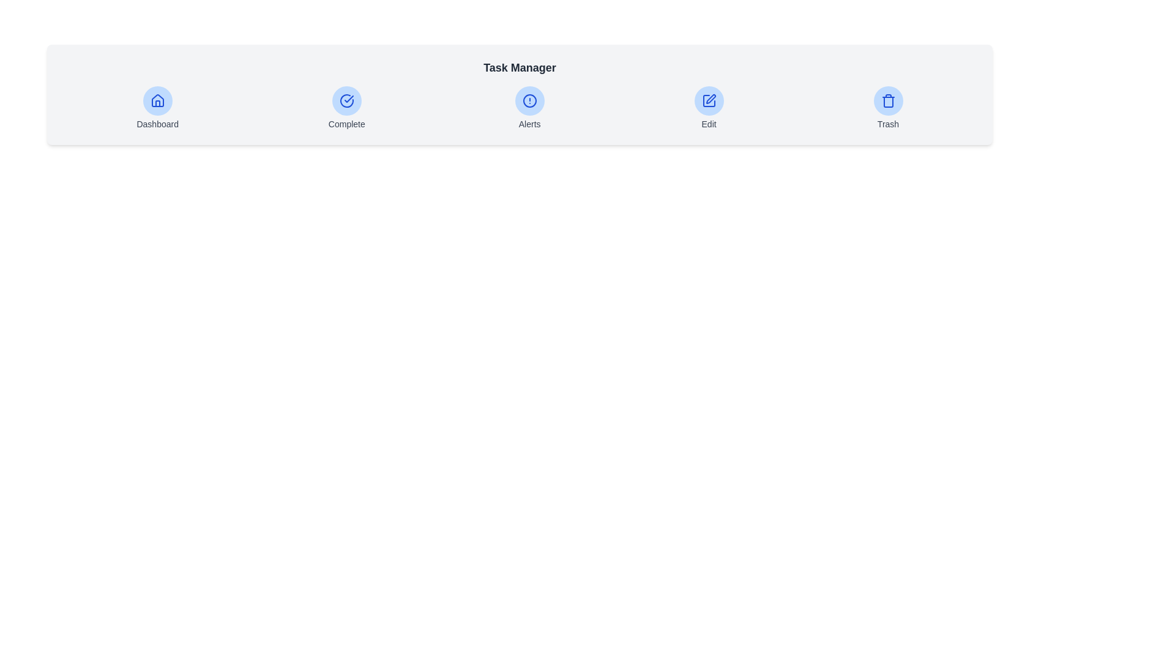  What do you see at coordinates (709, 100) in the screenshot?
I see `the fourth icon from the left in the horizontal layout, labeled 'Edit', below the 'Task Manager' heading` at bounding box center [709, 100].